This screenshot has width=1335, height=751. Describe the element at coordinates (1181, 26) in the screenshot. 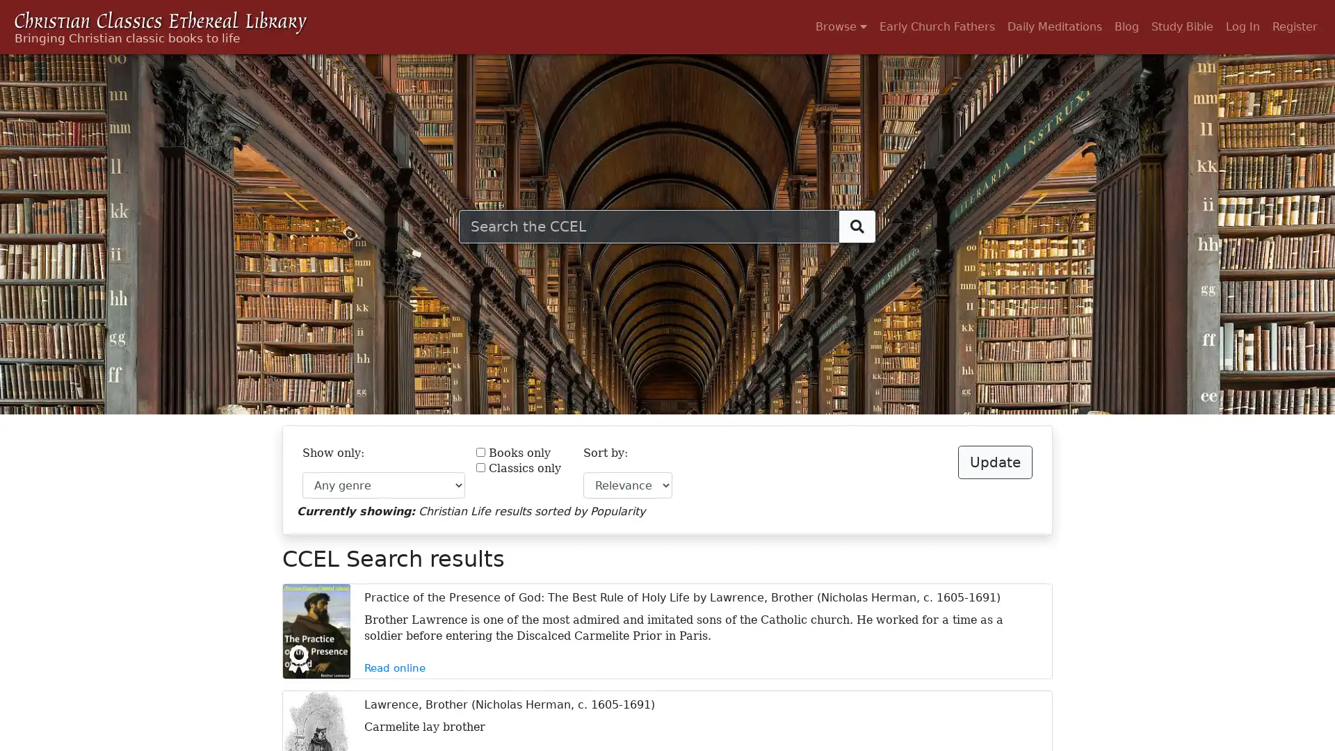

I see `Study Bible` at that location.